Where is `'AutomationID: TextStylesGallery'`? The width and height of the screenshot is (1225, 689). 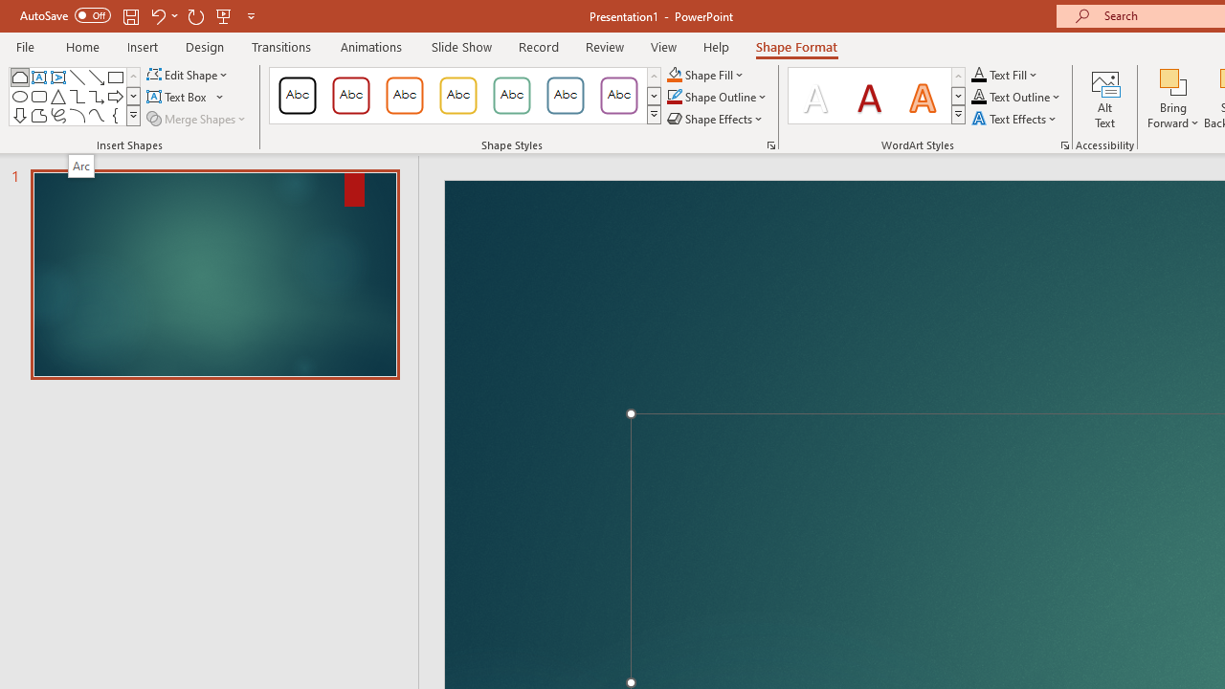 'AutomationID: TextStylesGallery' is located at coordinates (877, 96).